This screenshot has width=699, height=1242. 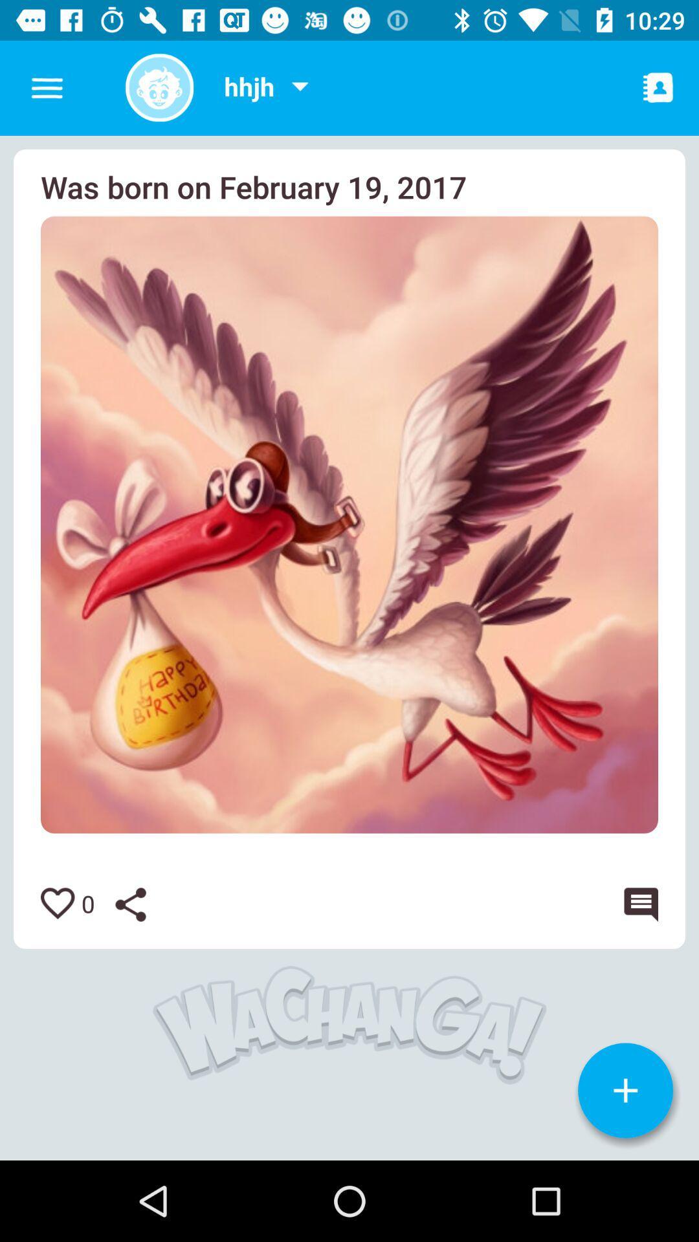 What do you see at coordinates (300, 87) in the screenshot?
I see `menu to view profile` at bounding box center [300, 87].